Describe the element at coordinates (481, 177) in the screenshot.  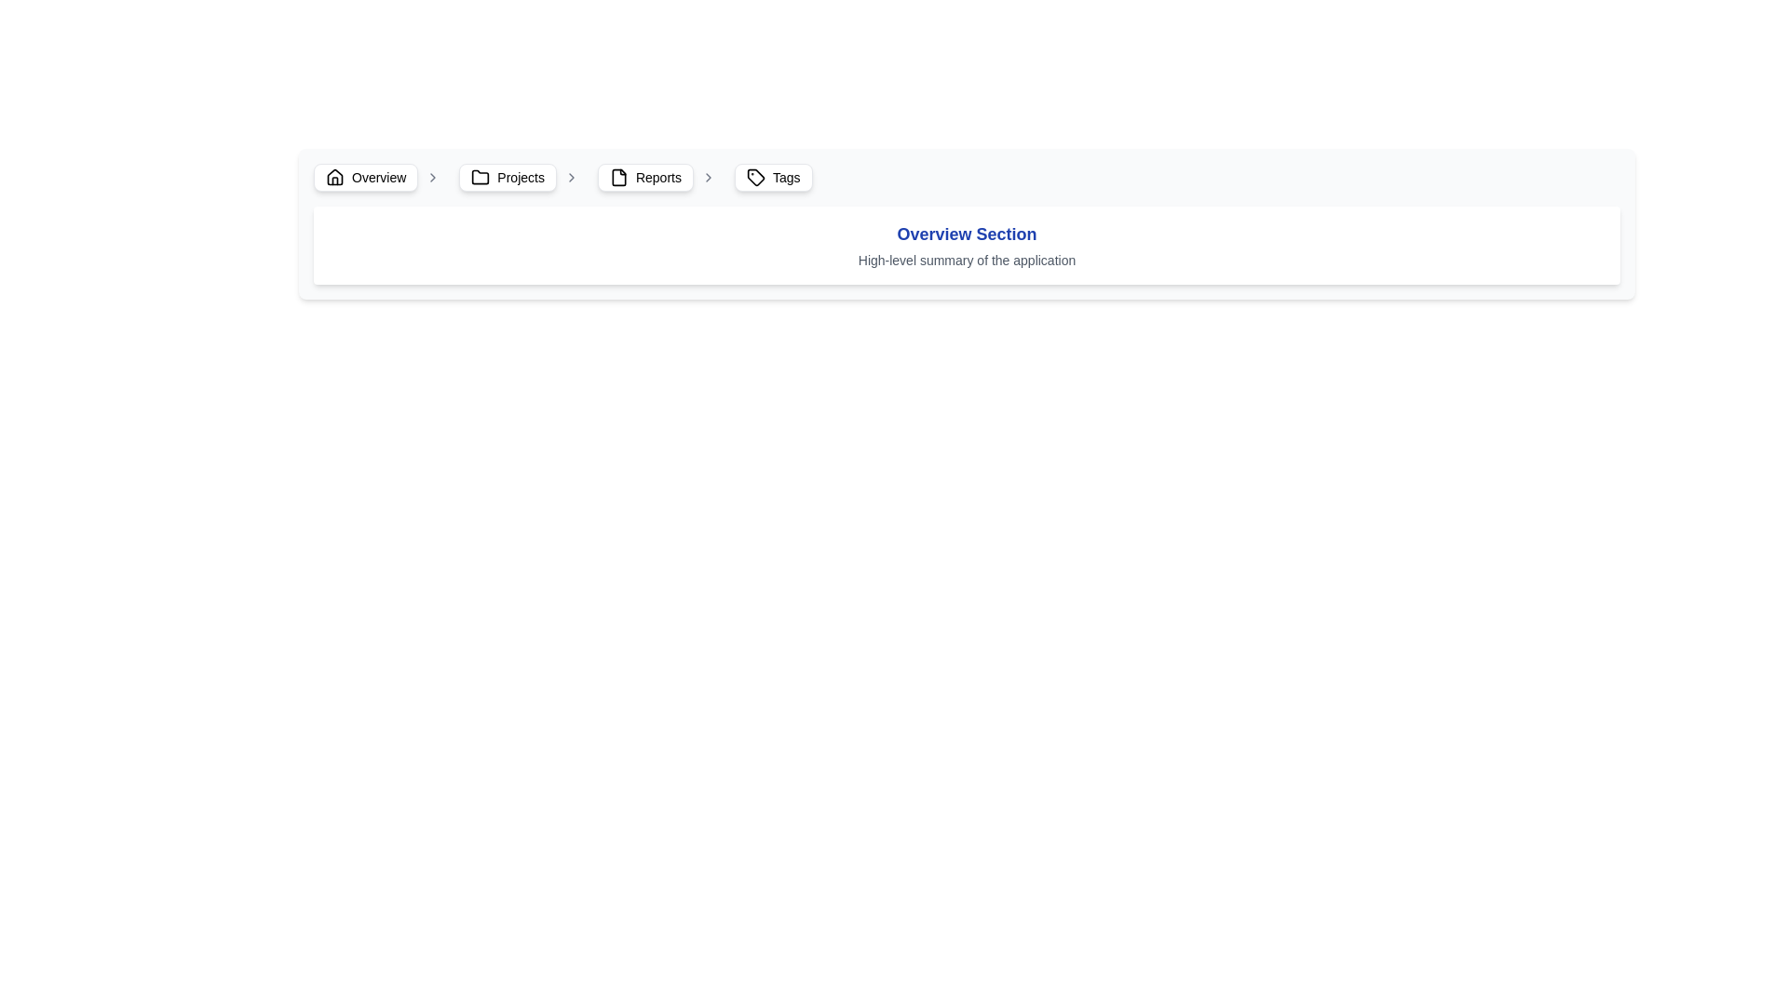
I see `the 'Projects' folder icon located in the navigation breadcrumb bar between the 'Overview' and 'Reports' icons` at that location.